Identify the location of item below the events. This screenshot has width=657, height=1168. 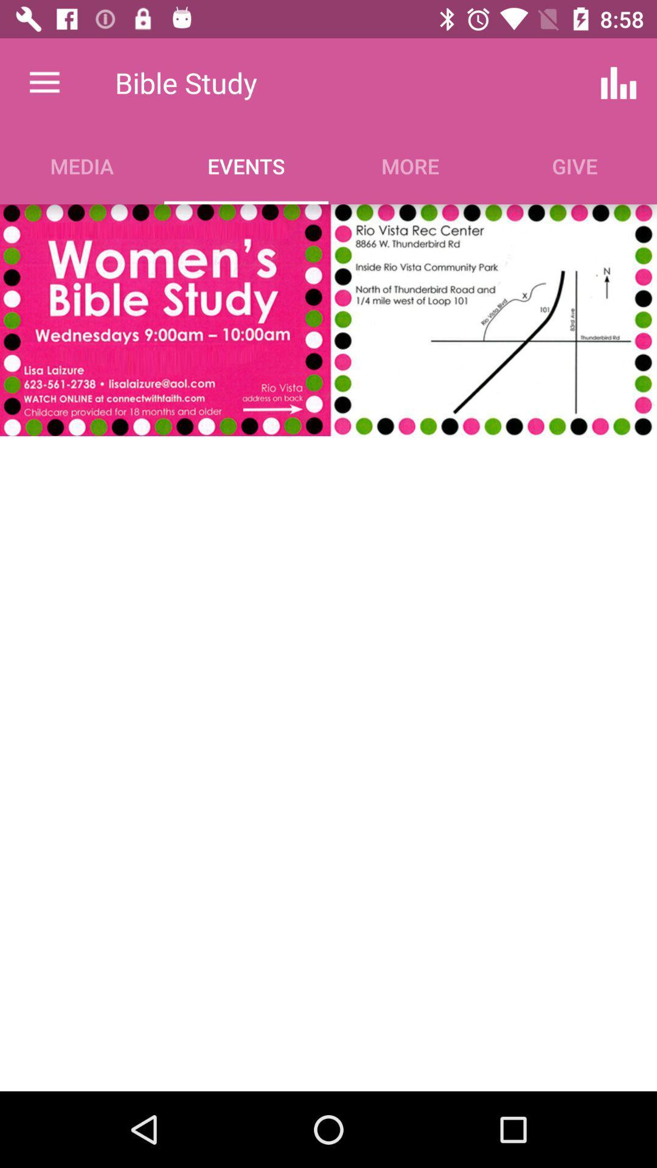
(327, 320).